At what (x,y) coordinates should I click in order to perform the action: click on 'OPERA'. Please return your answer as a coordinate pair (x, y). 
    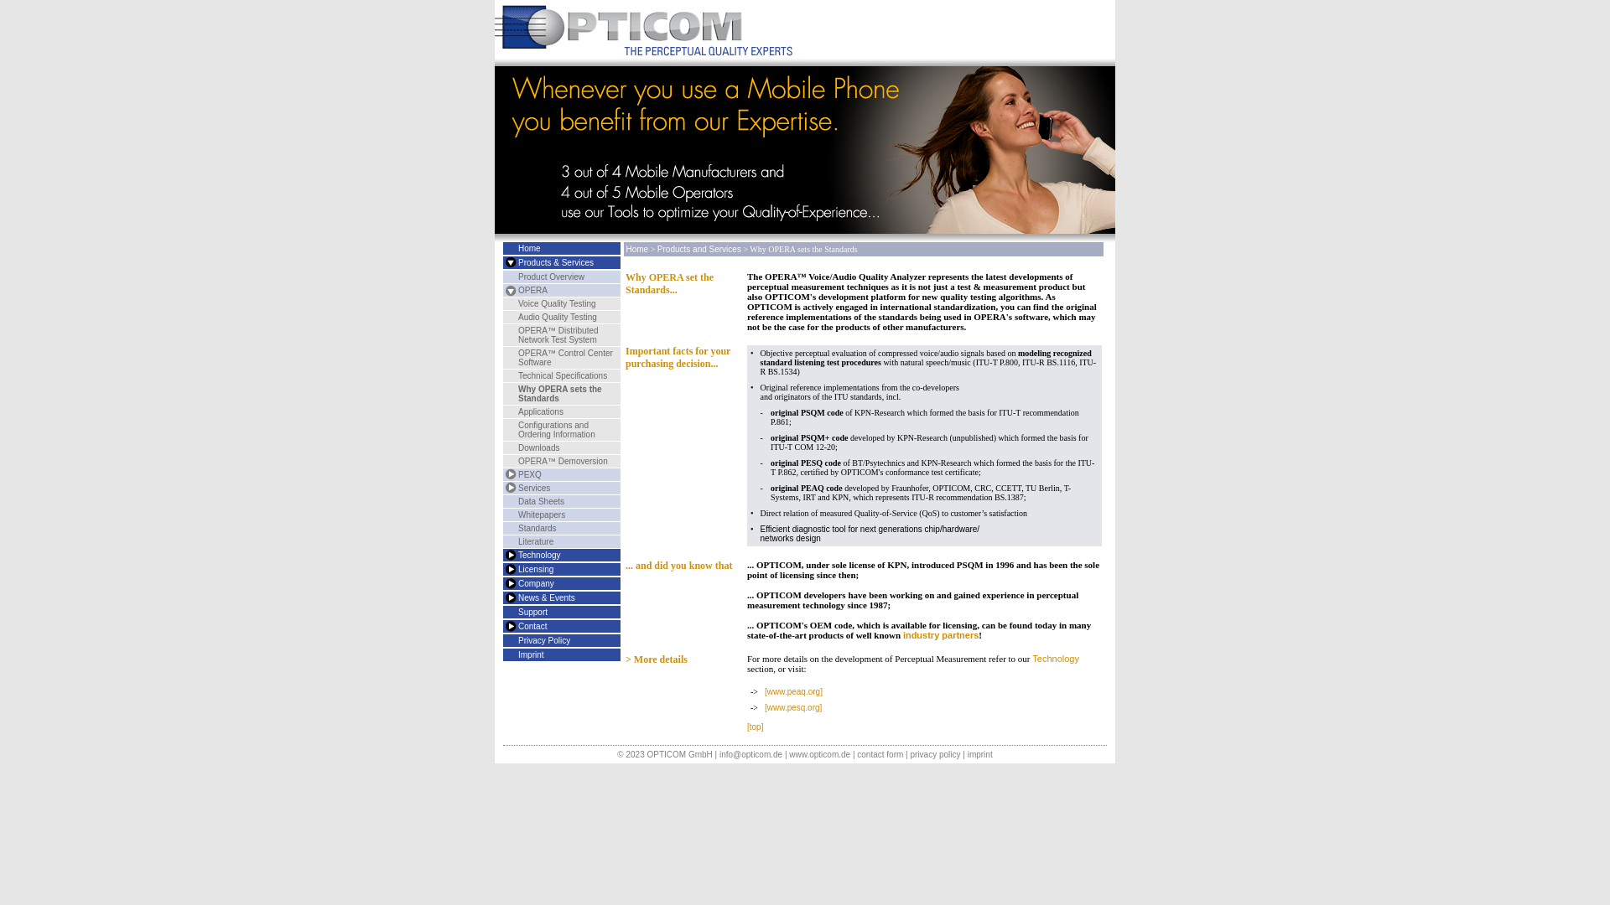
    Looking at the image, I should click on (507, 289).